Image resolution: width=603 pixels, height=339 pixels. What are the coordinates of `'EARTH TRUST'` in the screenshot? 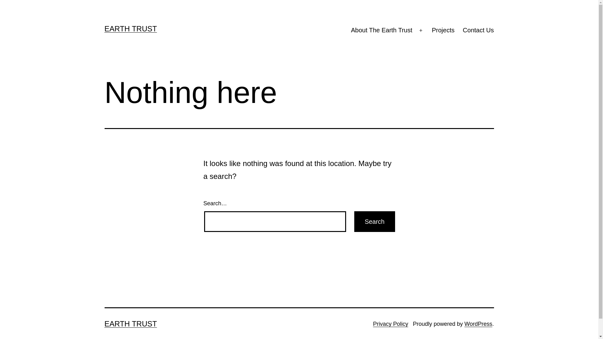 It's located at (104, 29).